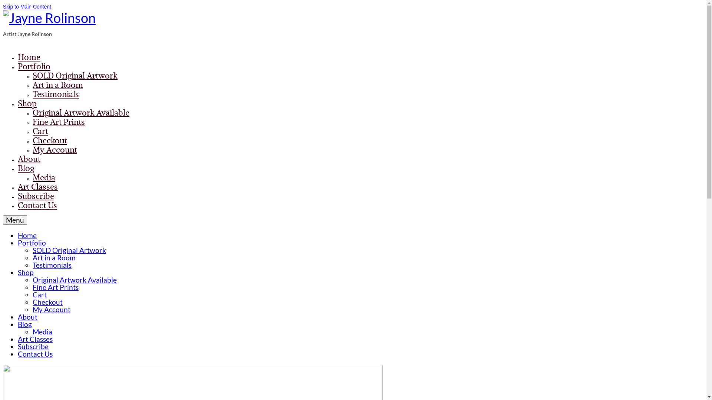 Image resolution: width=712 pixels, height=400 pixels. I want to click on 'Art Classes', so click(37, 186).